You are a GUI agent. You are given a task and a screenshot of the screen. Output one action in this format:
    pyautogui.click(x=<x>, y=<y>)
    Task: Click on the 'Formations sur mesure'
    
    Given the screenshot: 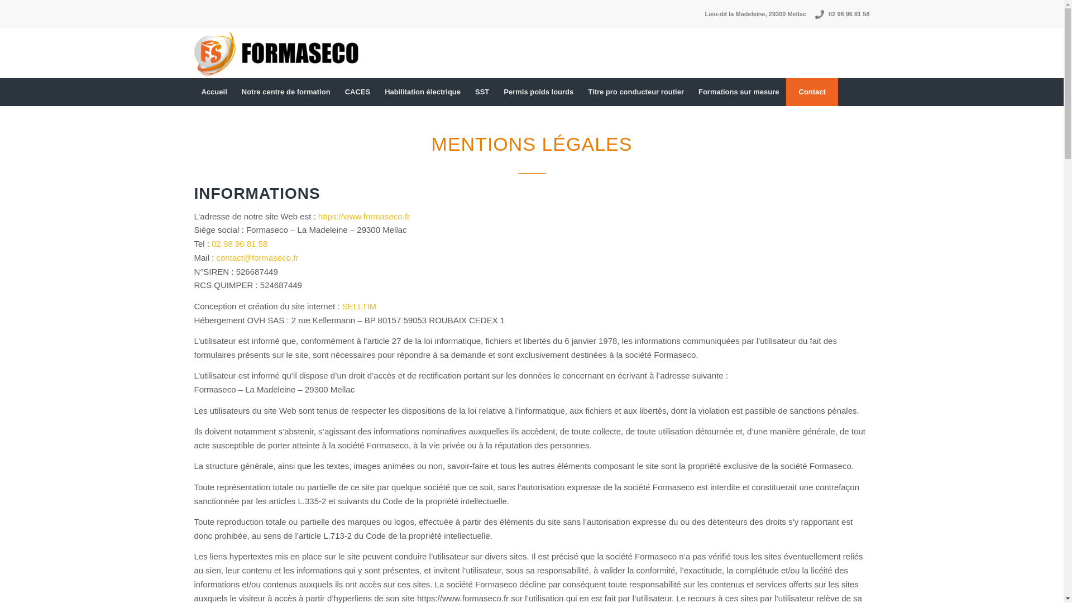 What is the action you would take?
    pyautogui.click(x=739, y=92)
    